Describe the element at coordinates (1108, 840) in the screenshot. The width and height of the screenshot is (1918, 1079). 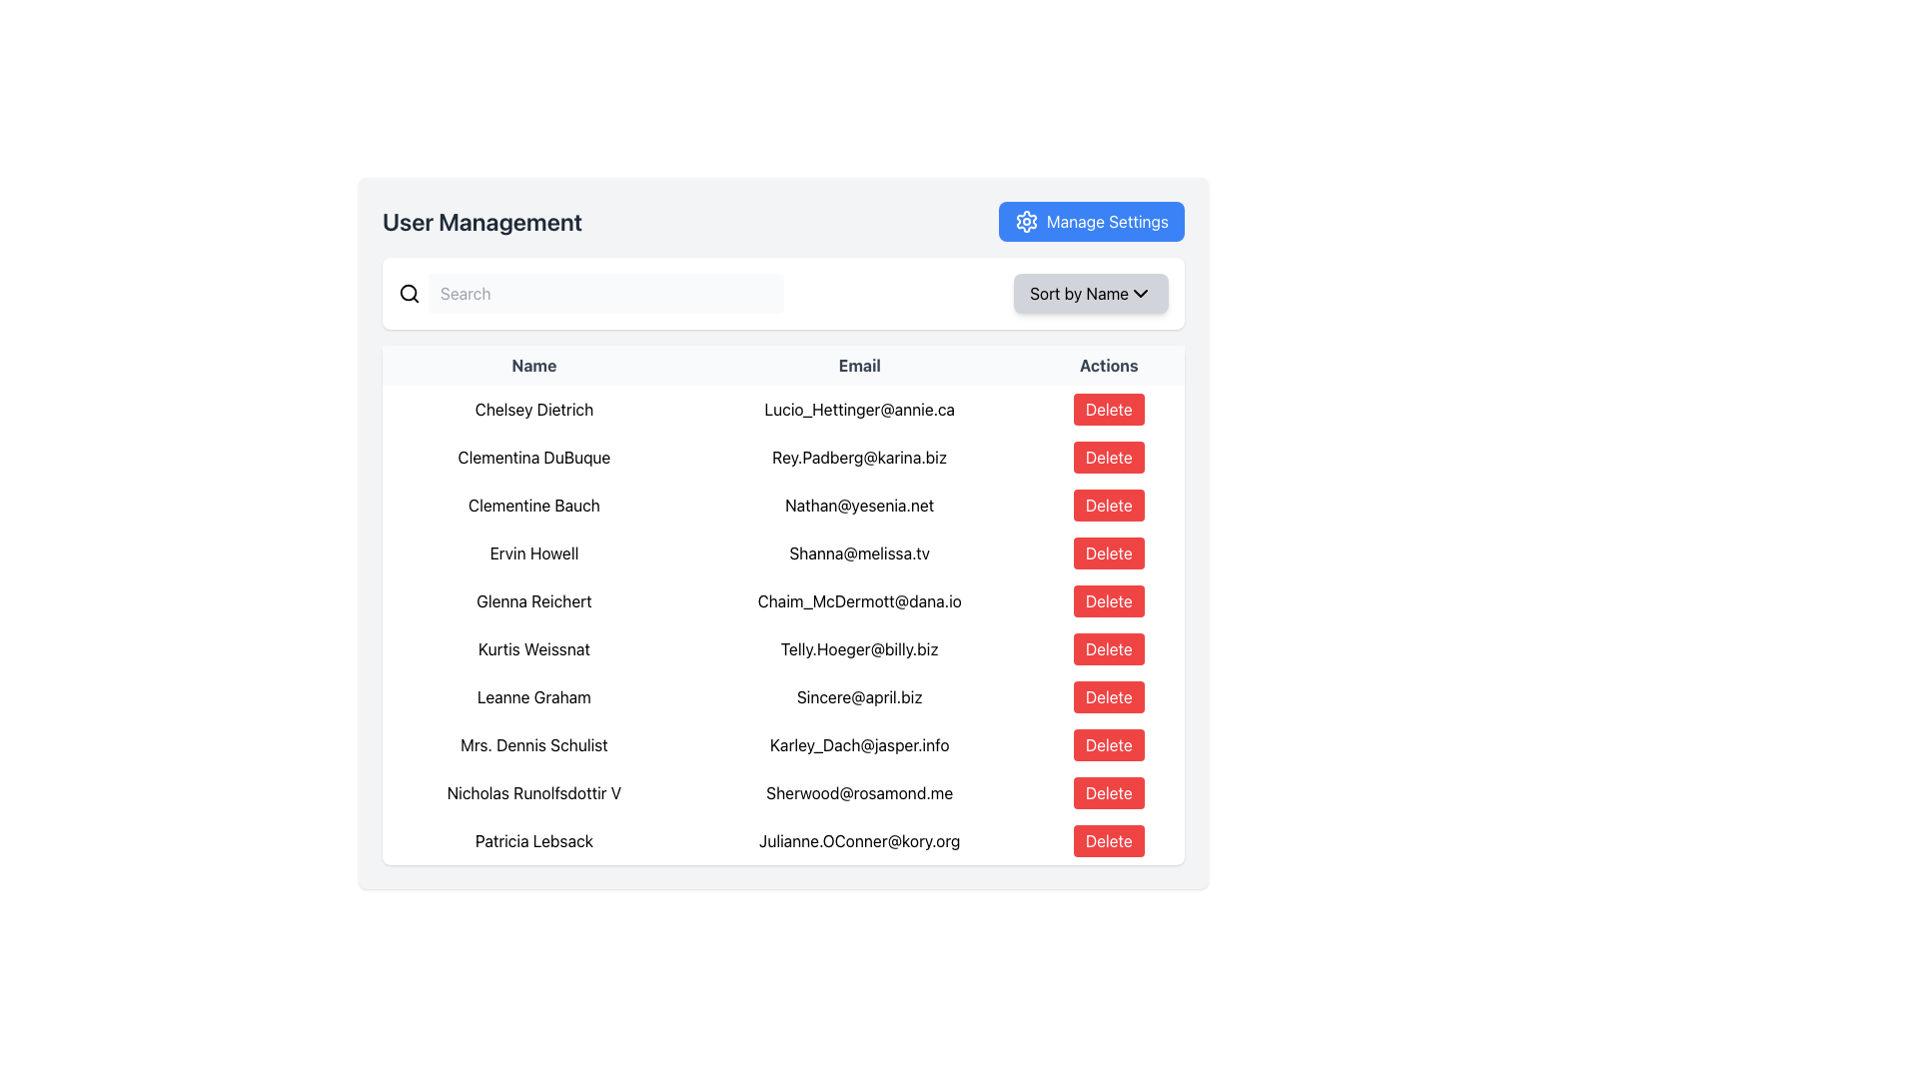
I see `the last 'Delete' button with a red background and bold white text labeled 'Delete' in the 'Actions' column, corresponding to the row for 'Patricia Lebsack'` at that location.